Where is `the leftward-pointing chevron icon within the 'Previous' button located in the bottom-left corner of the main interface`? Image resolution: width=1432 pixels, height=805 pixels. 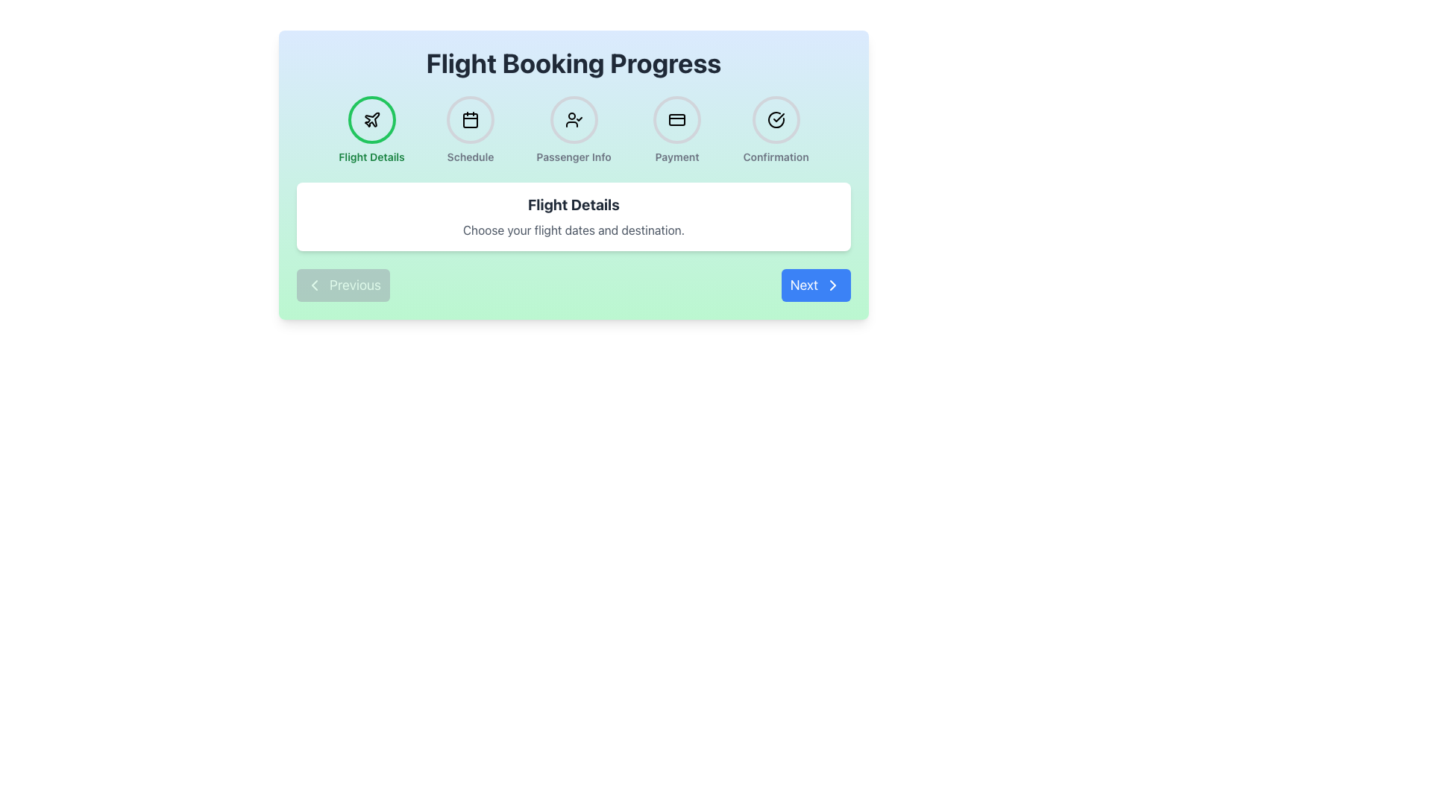
the leftward-pointing chevron icon within the 'Previous' button located in the bottom-left corner of the main interface is located at coordinates (314, 285).